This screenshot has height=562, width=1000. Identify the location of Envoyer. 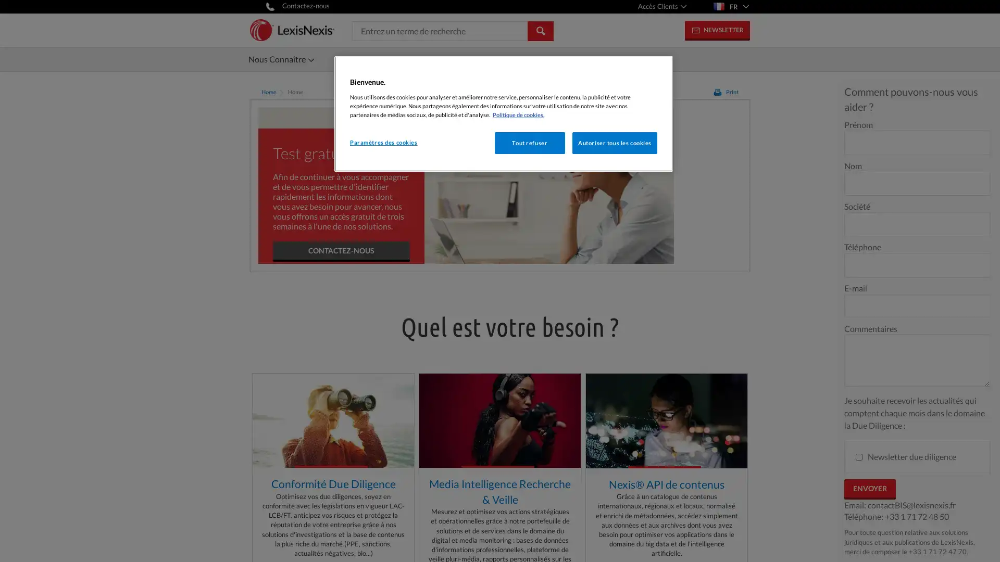
(870, 489).